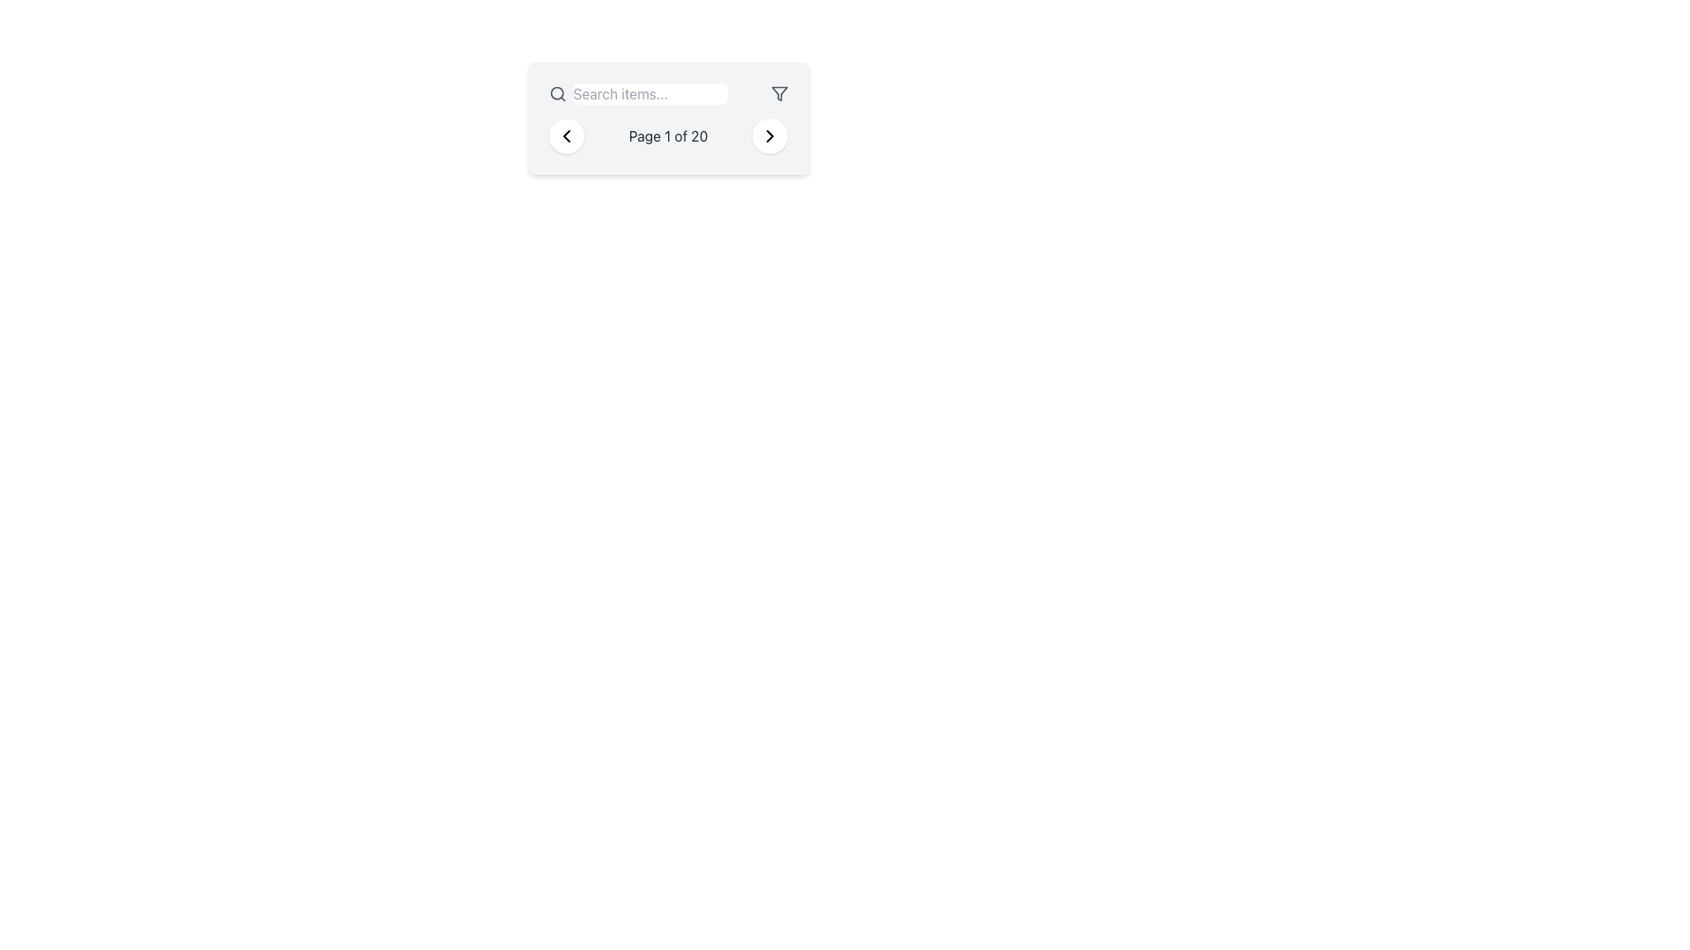 Image resolution: width=1690 pixels, height=950 pixels. What do you see at coordinates (556, 94) in the screenshot?
I see `the search icon resembling a magnifying glass, which is styled with a circular outline and is located at the top-left area of the search bar labeled 'Search items...'` at bounding box center [556, 94].